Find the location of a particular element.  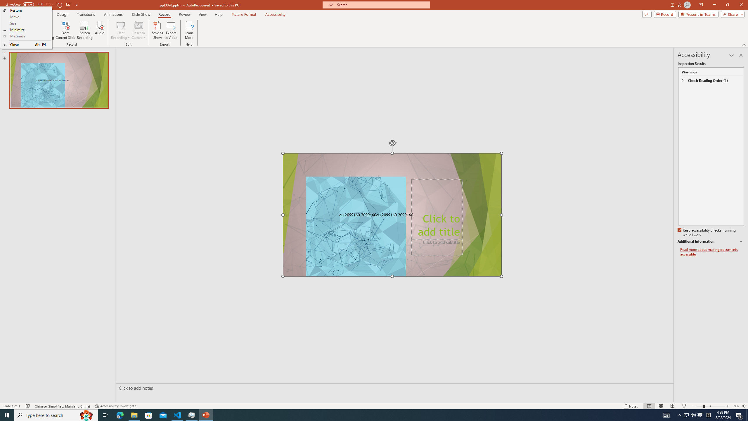

'Zoom 59%' is located at coordinates (735, 406).